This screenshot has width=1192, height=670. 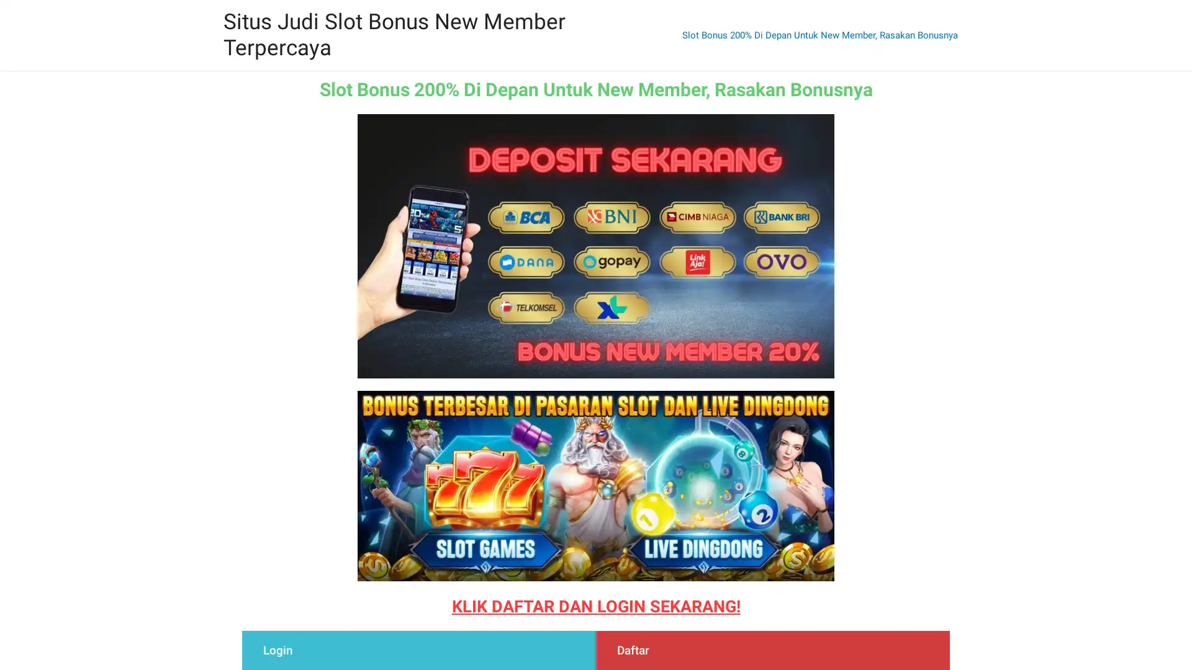 I want to click on Daftar, so click(x=630, y=651).